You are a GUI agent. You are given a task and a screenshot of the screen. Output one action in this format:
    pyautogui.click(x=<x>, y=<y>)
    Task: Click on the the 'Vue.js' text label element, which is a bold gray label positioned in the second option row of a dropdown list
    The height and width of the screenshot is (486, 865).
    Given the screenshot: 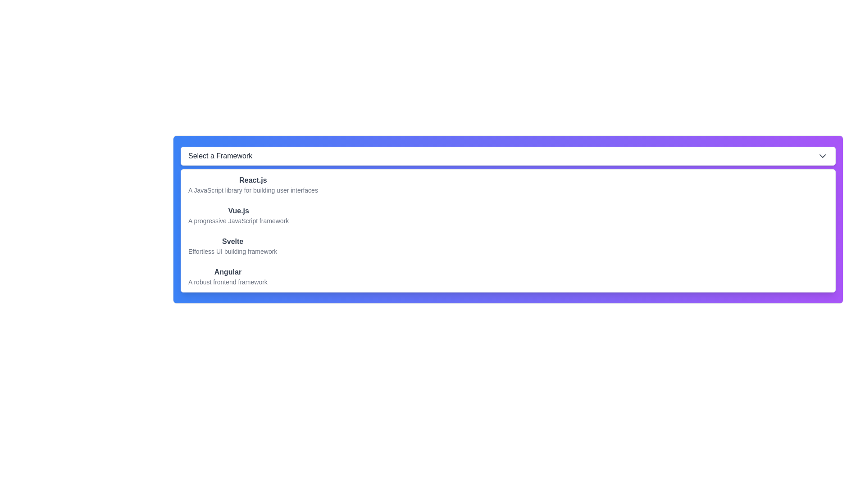 What is the action you would take?
    pyautogui.click(x=238, y=211)
    